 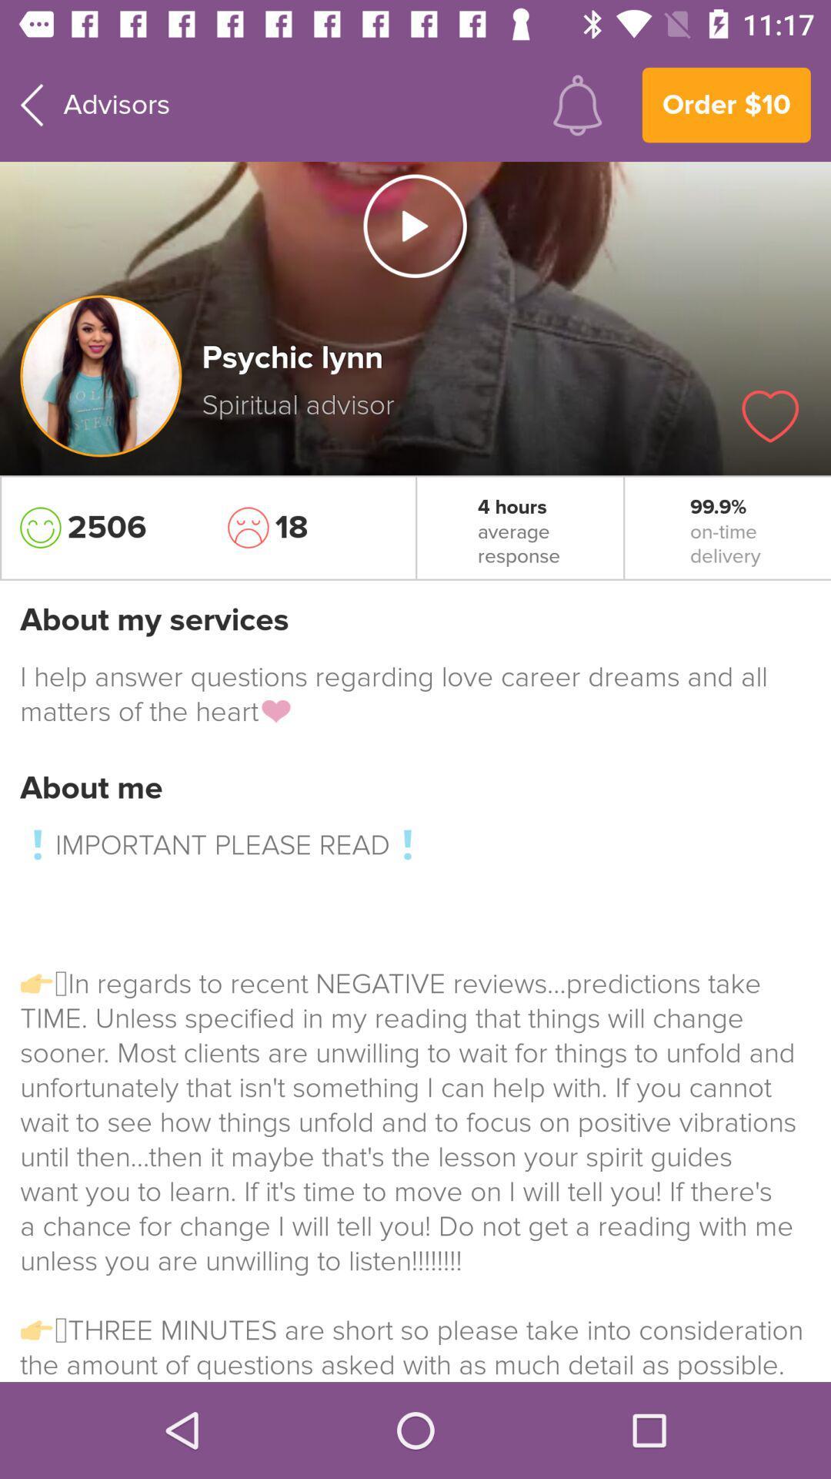 What do you see at coordinates (104, 528) in the screenshot?
I see `icon next to the 18 item` at bounding box center [104, 528].